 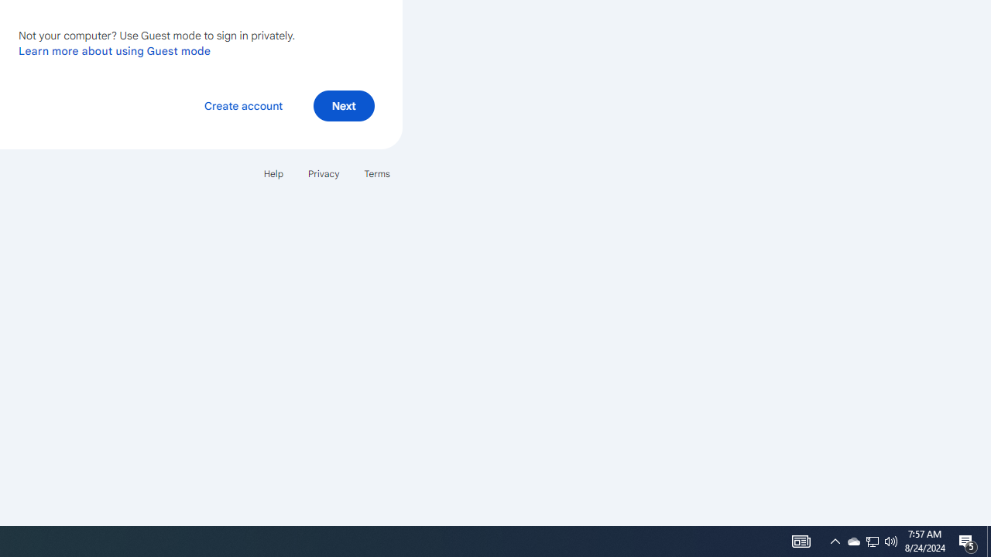 I want to click on 'Help', so click(x=273, y=173).